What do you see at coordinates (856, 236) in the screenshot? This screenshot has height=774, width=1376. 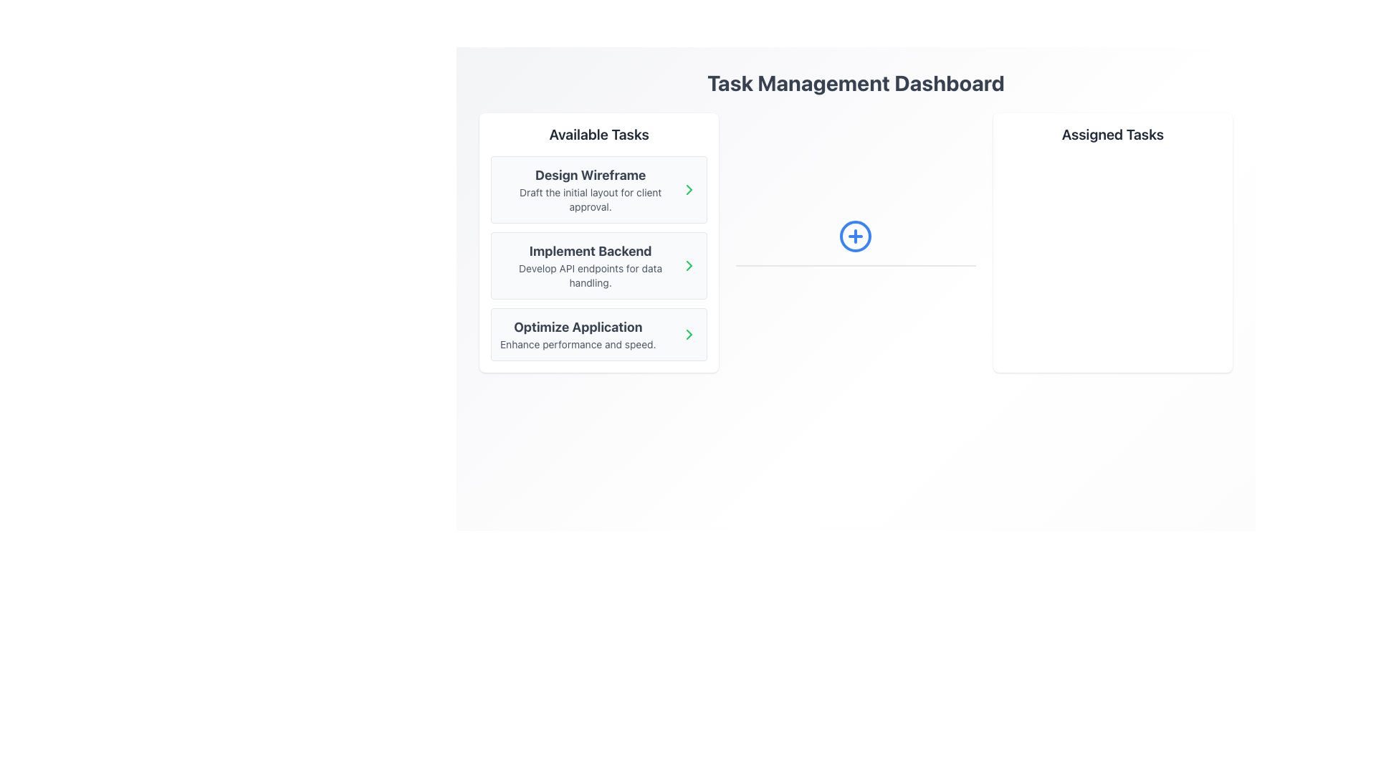 I see `the center of the circular blue outlined button with a blue plus sign` at bounding box center [856, 236].